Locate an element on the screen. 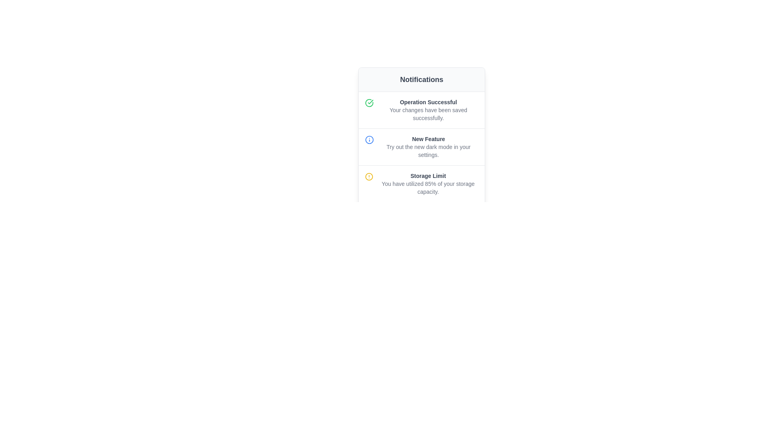 The height and width of the screenshot is (428, 761). the heading text label in the second notification card, which summarizes the content beneath it and is aligned horizontally with the center of the notification list is located at coordinates (428, 139).